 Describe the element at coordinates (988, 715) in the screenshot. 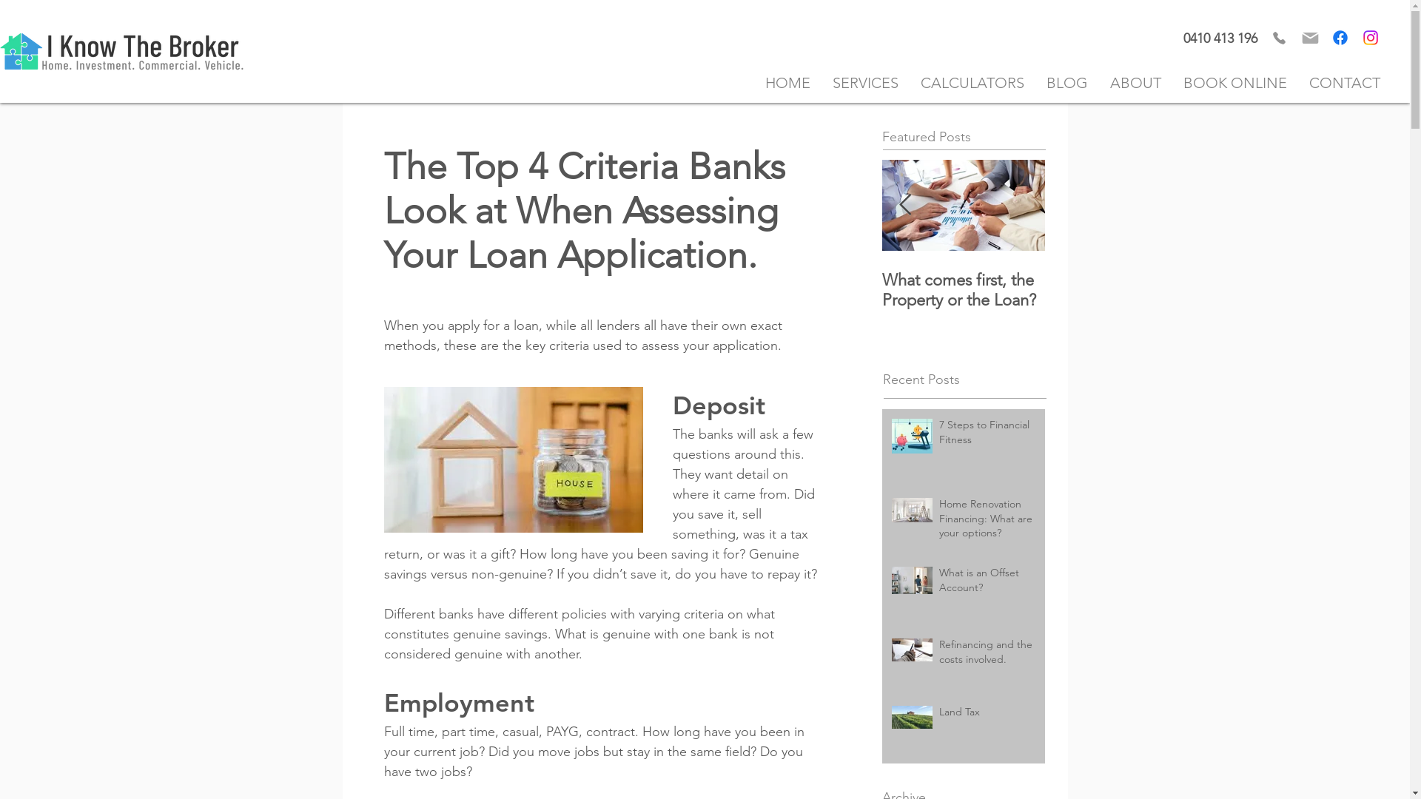

I see `'Land Tax'` at that location.